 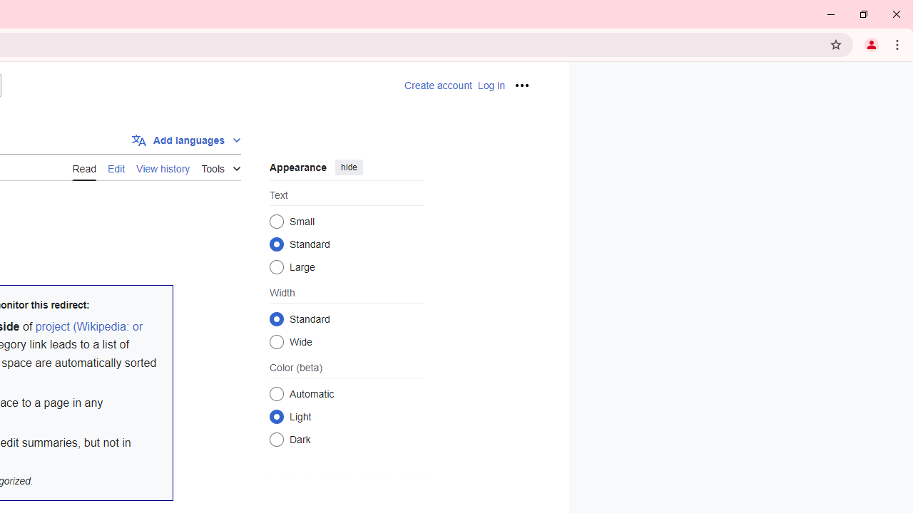 I want to click on 'AutomationID: pt-login-2', so click(x=491, y=85).